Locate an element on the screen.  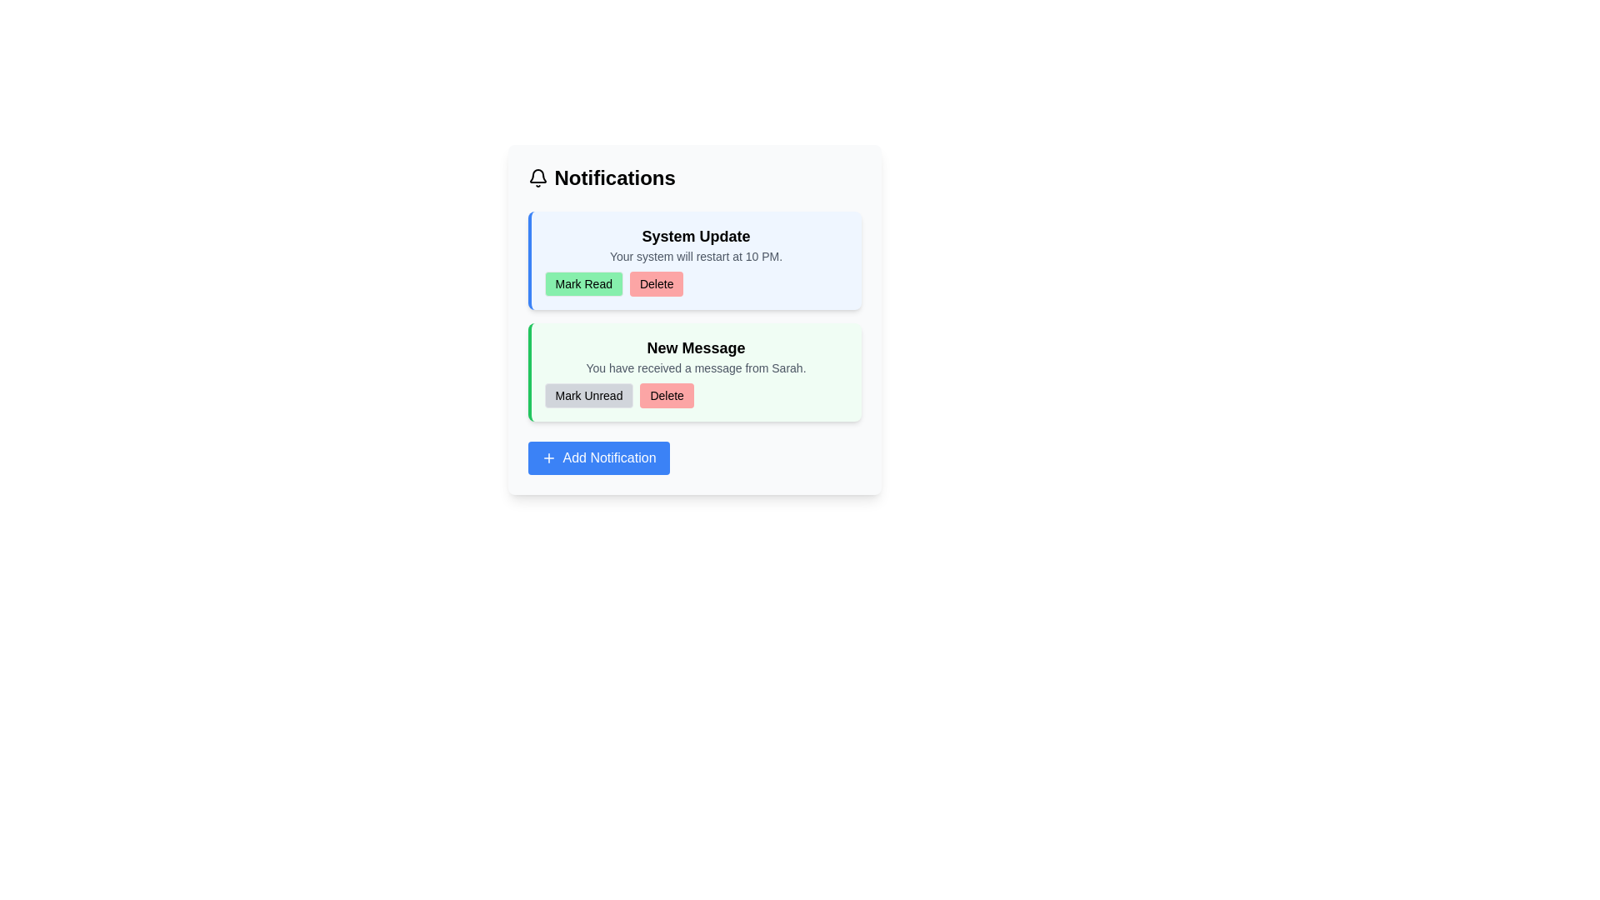
the text label that serves as the title for the notification, located below the 'System Update' card in the notification list is located at coordinates (696, 347).